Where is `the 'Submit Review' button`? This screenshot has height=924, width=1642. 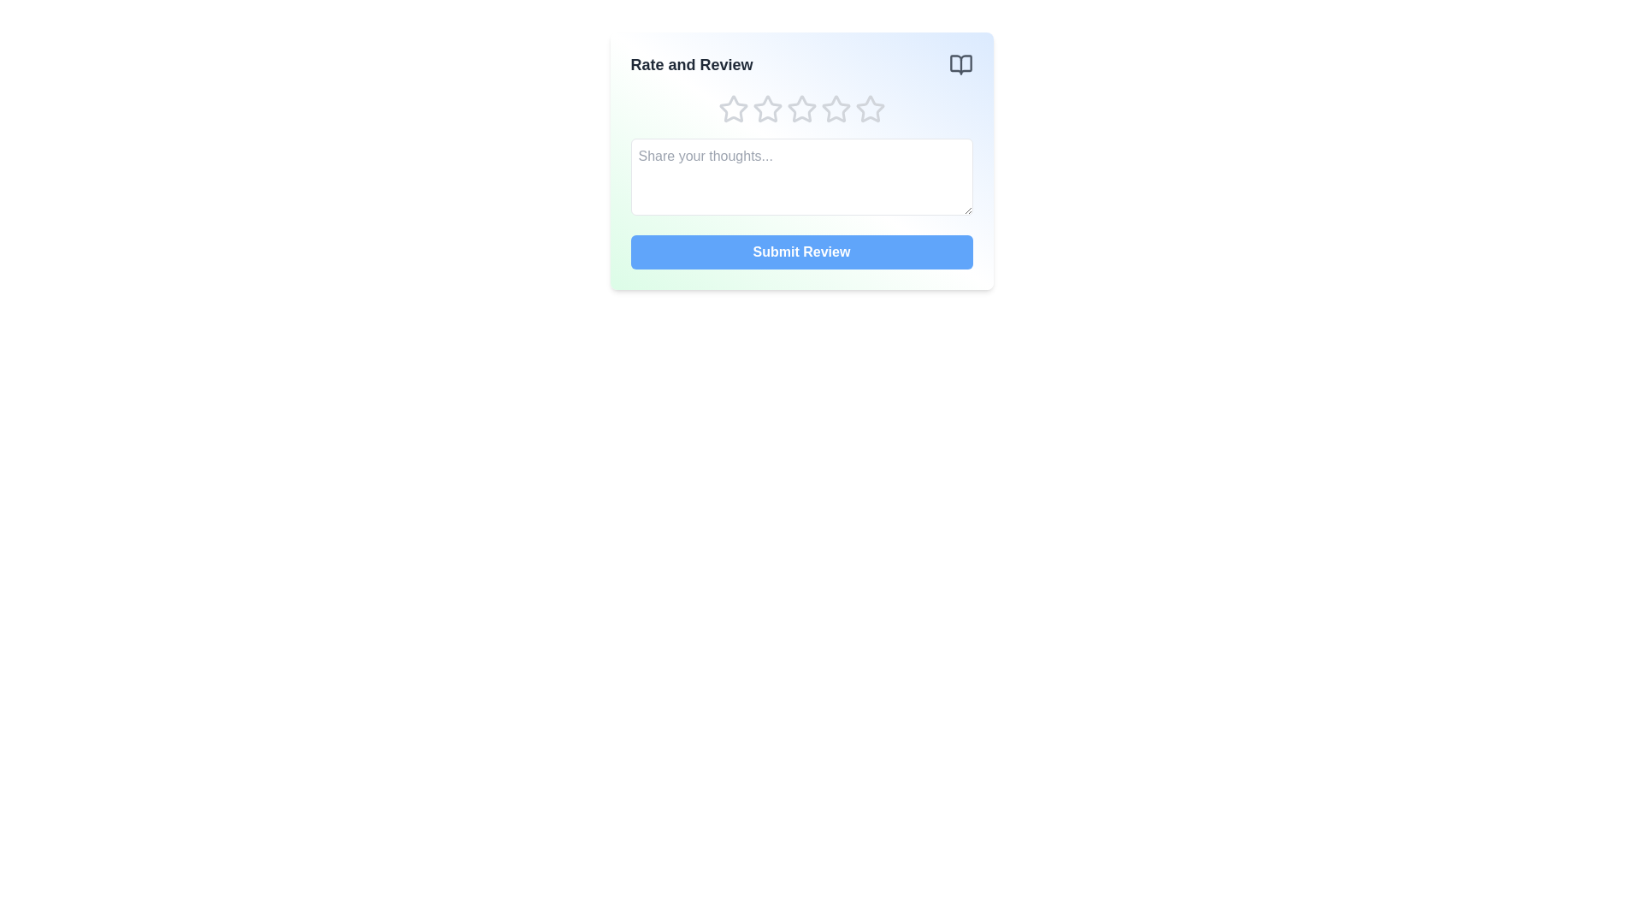
the 'Submit Review' button is located at coordinates (800, 252).